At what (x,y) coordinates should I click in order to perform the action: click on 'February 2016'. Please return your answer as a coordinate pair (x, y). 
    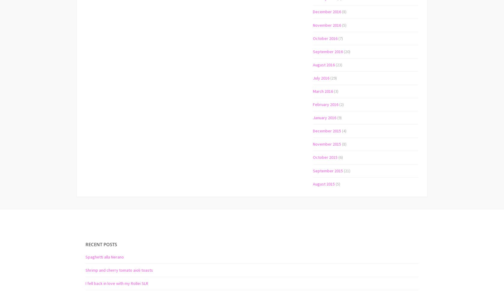
    Looking at the image, I should click on (325, 104).